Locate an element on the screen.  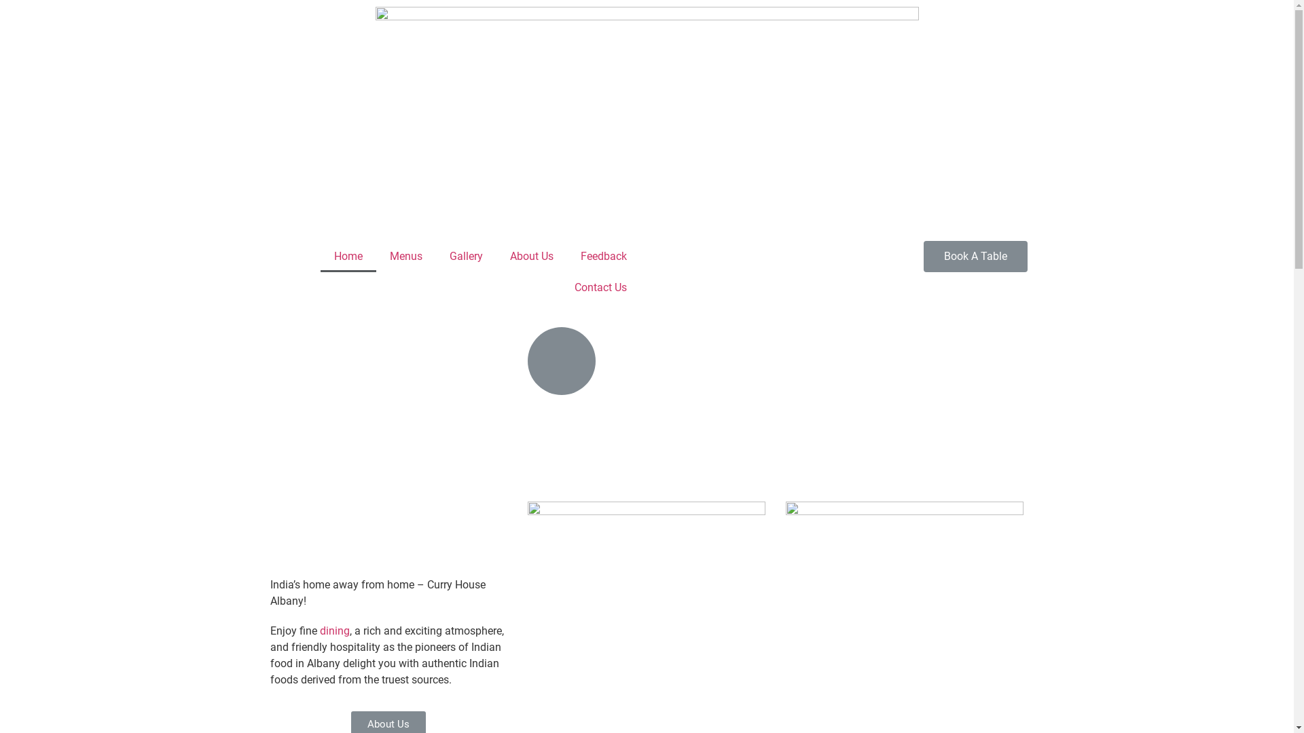
'Home' is located at coordinates (348, 257).